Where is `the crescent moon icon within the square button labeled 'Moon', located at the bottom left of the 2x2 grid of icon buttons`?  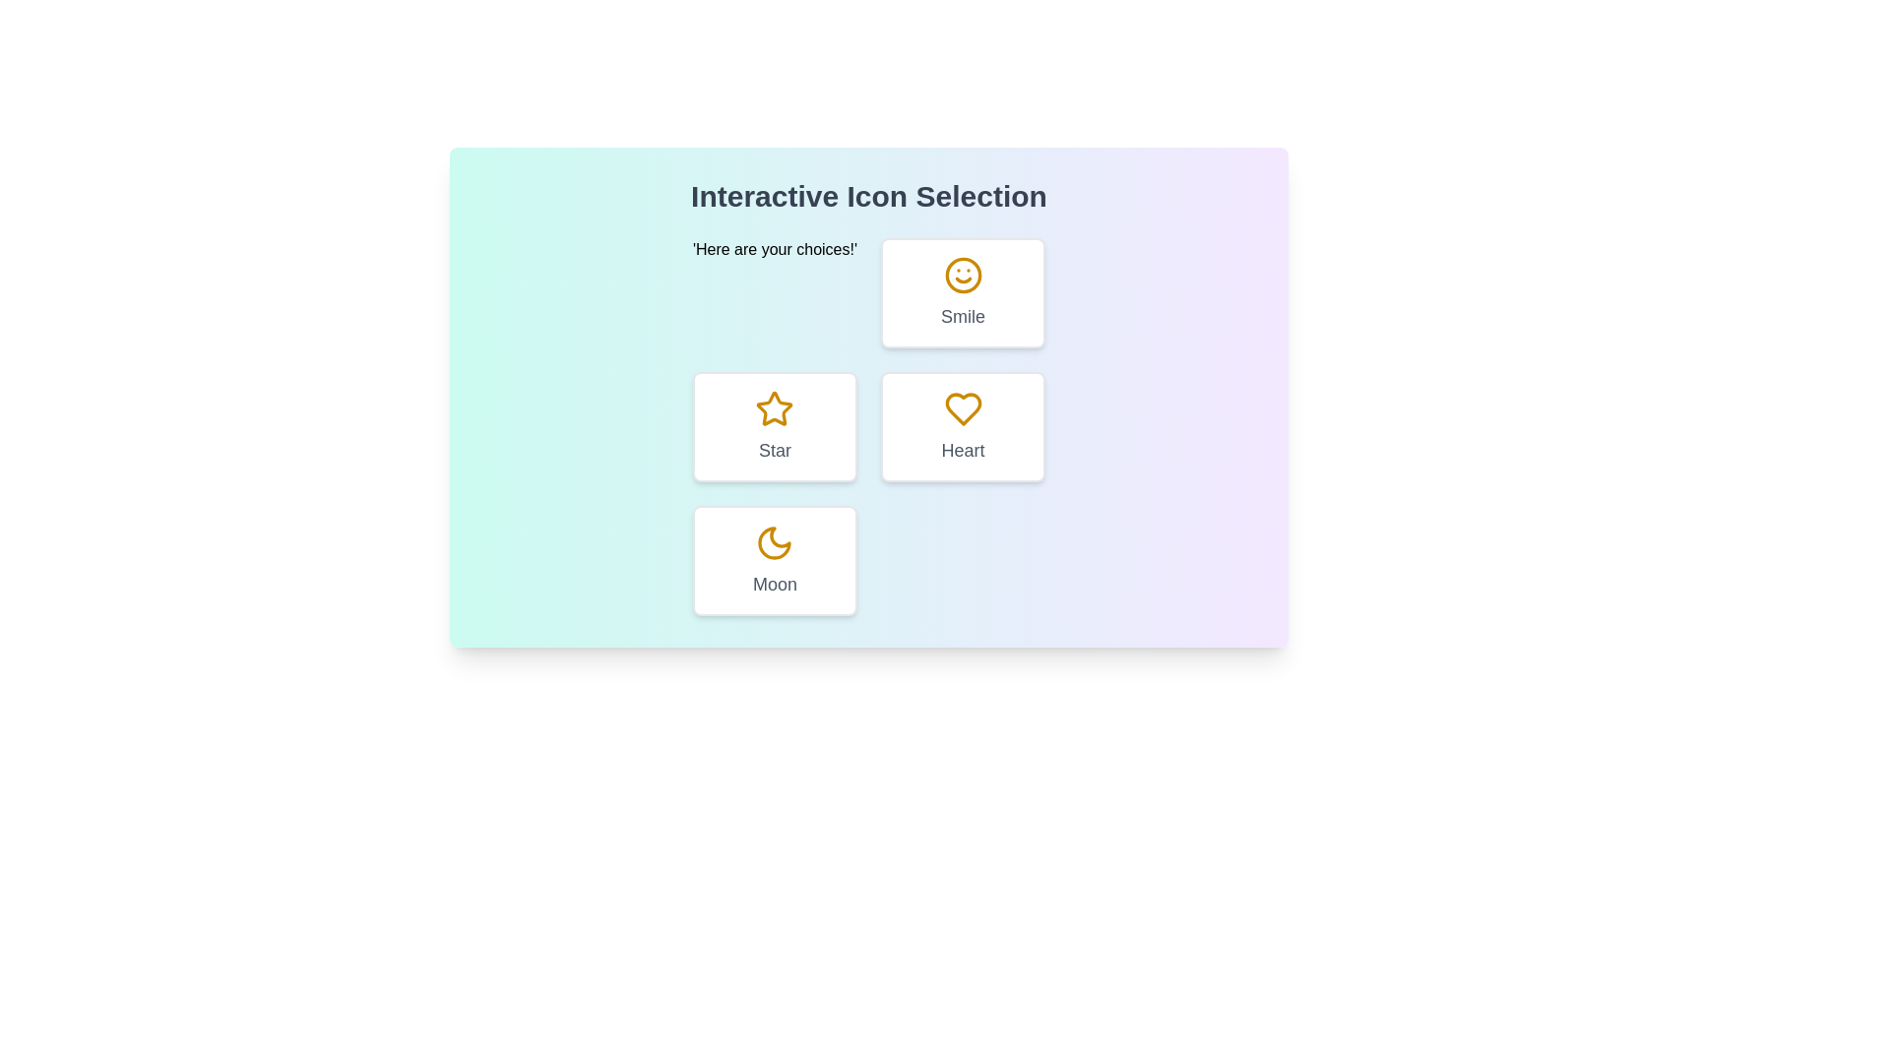 the crescent moon icon within the square button labeled 'Moon', located at the bottom left of the 2x2 grid of icon buttons is located at coordinates (774, 542).